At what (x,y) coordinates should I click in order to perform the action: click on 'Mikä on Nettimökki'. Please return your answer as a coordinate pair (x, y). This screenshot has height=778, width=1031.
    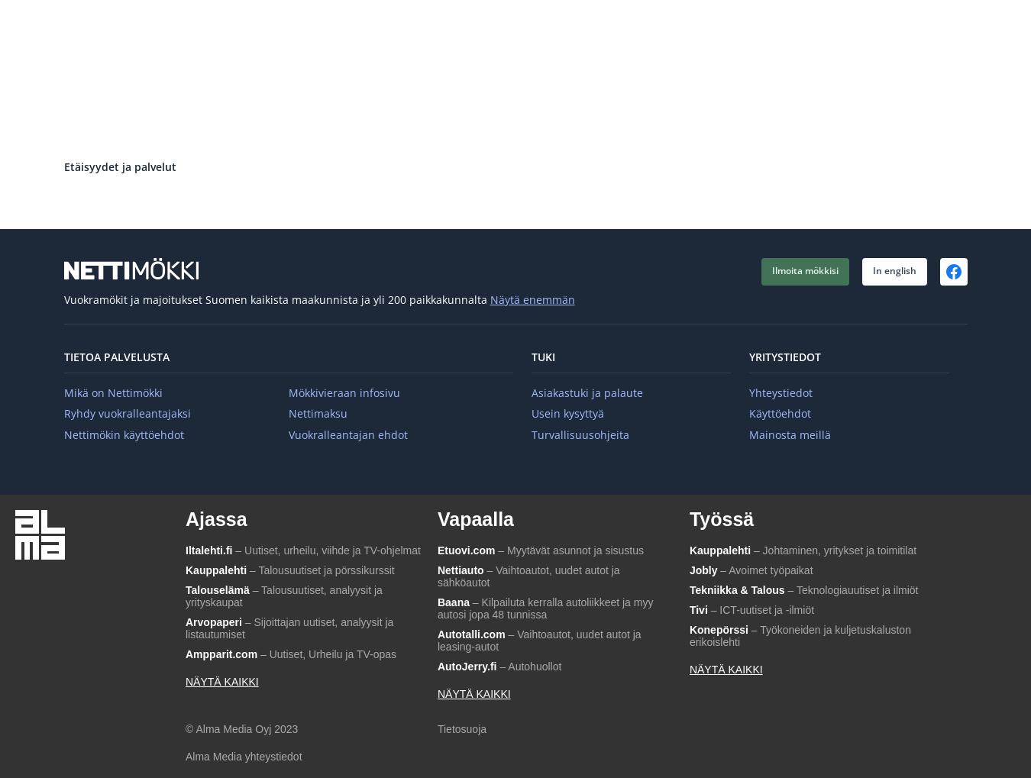
    Looking at the image, I should click on (112, 392).